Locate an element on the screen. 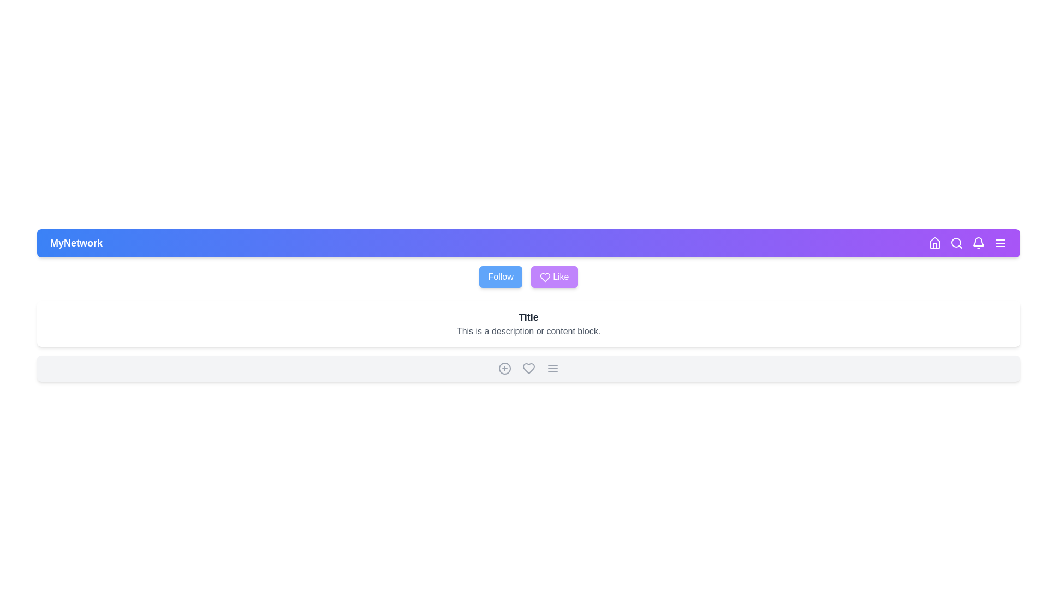  the search function icon, which is the third icon in the navigation bar from the right is located at coordinates (956, 243).